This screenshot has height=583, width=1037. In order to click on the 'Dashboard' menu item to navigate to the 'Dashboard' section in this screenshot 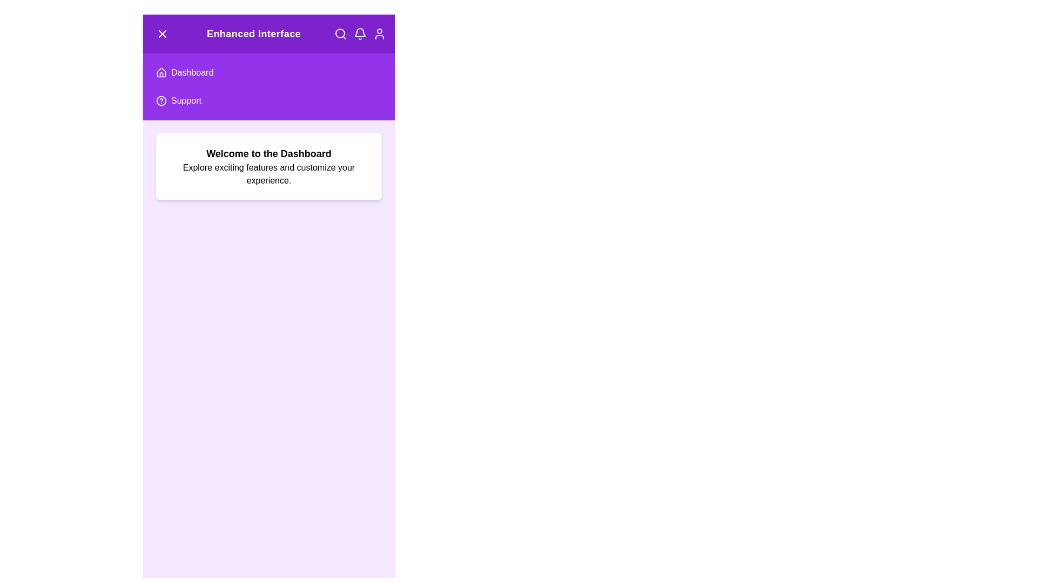, I will do `click(269, 73)`.